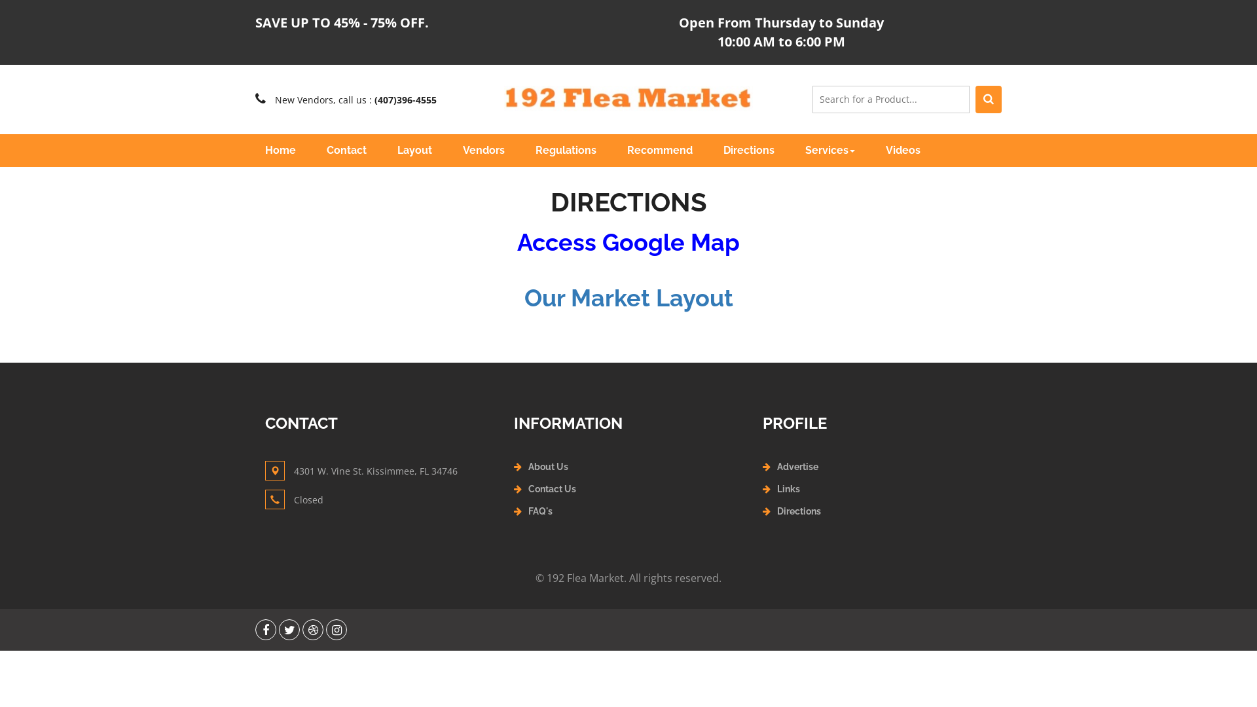 The image size is (1257, 707). What do you see at coordinates (798, 510) in the screenshot?
I see `'Directions'` at bounding box center [798, 510].